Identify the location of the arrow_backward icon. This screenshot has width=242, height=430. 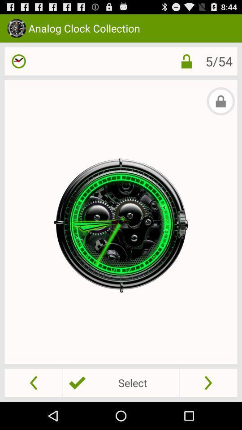
(33, 410).